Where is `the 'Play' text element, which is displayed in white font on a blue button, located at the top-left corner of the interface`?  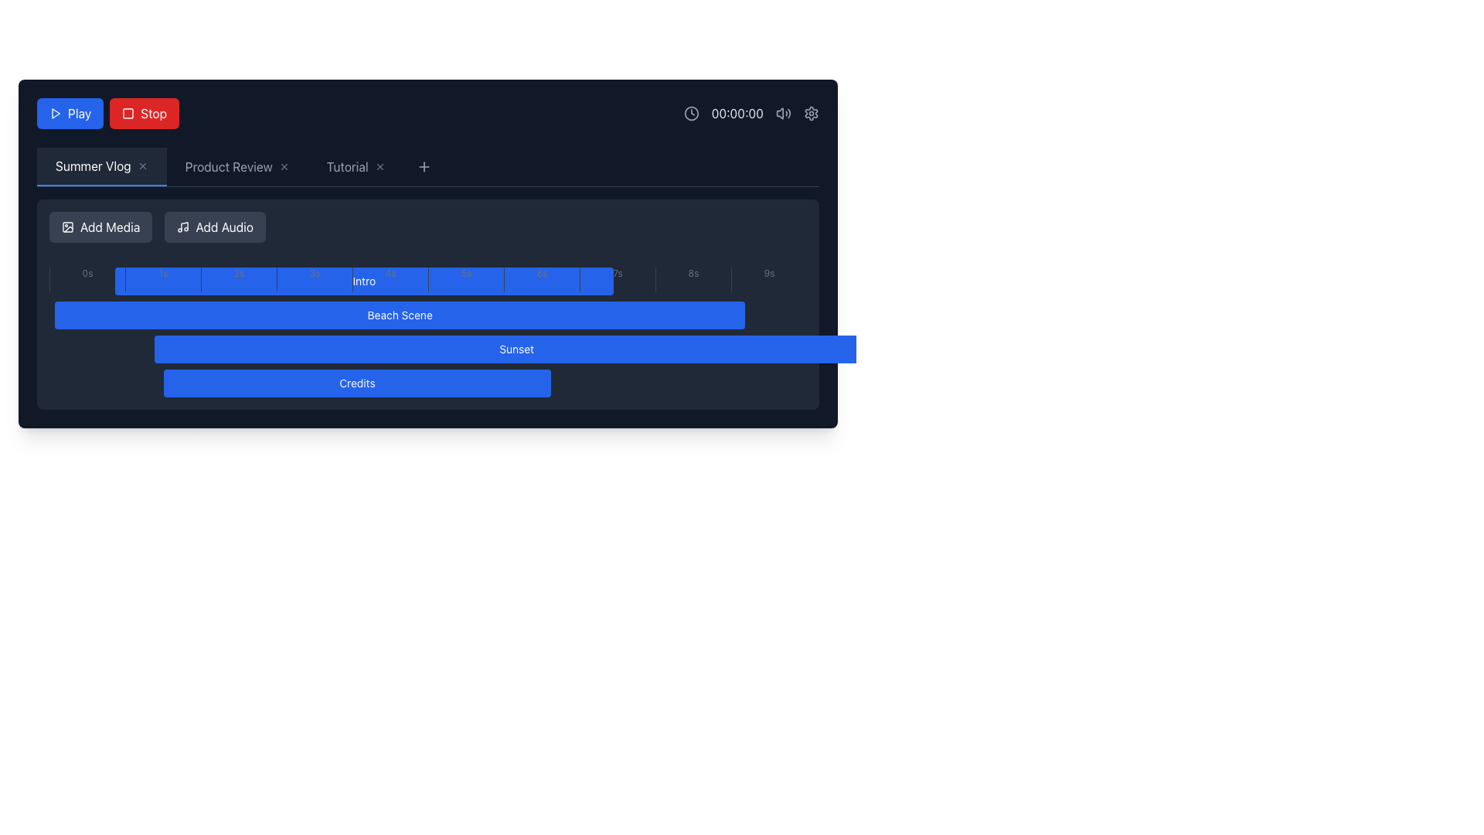
the 'Play' text element, which is displayed in white font on a blue button, located at the top-left corner of the interface is located at coordinates (79, 112).